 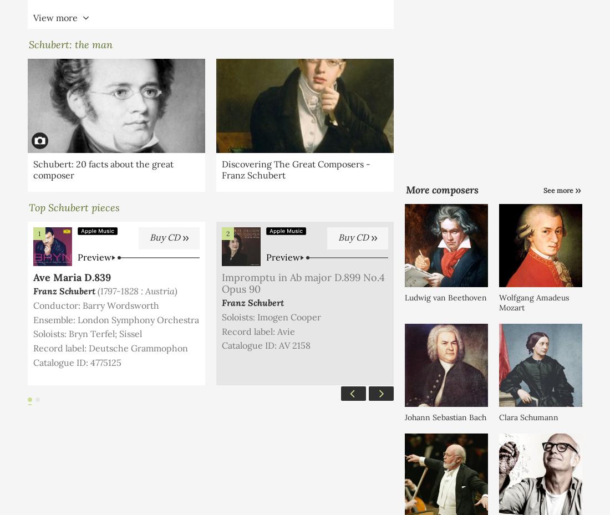 What do you see at coordinates (221, 330) in the screenshot?
I see `'Record label: Avie'` at bounding box center [221, 330].